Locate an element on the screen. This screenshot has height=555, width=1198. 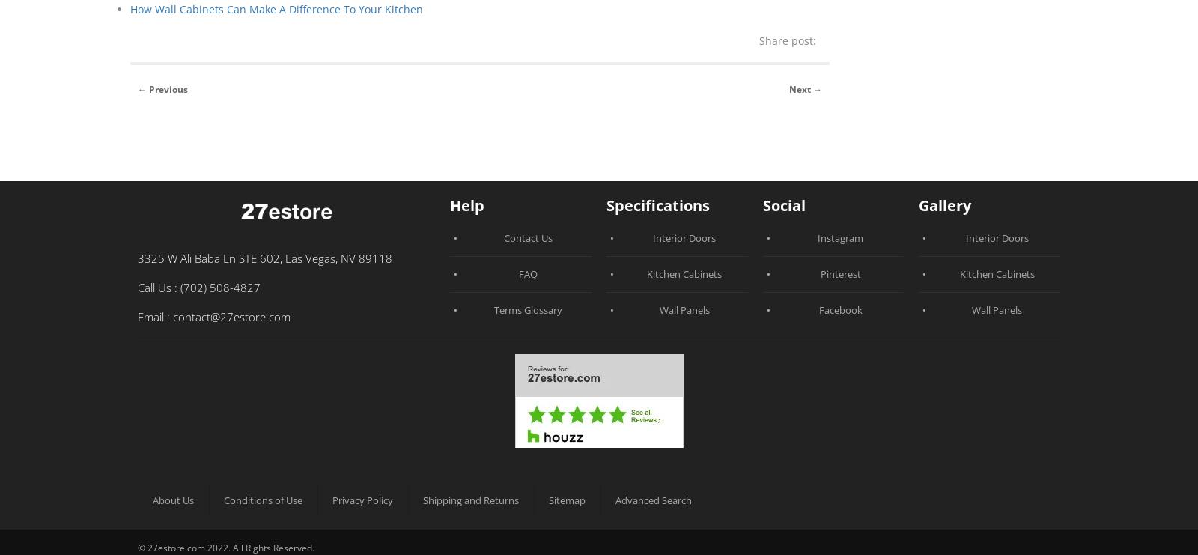
'contact@27estore.com' is located at coordinates (231, 315).